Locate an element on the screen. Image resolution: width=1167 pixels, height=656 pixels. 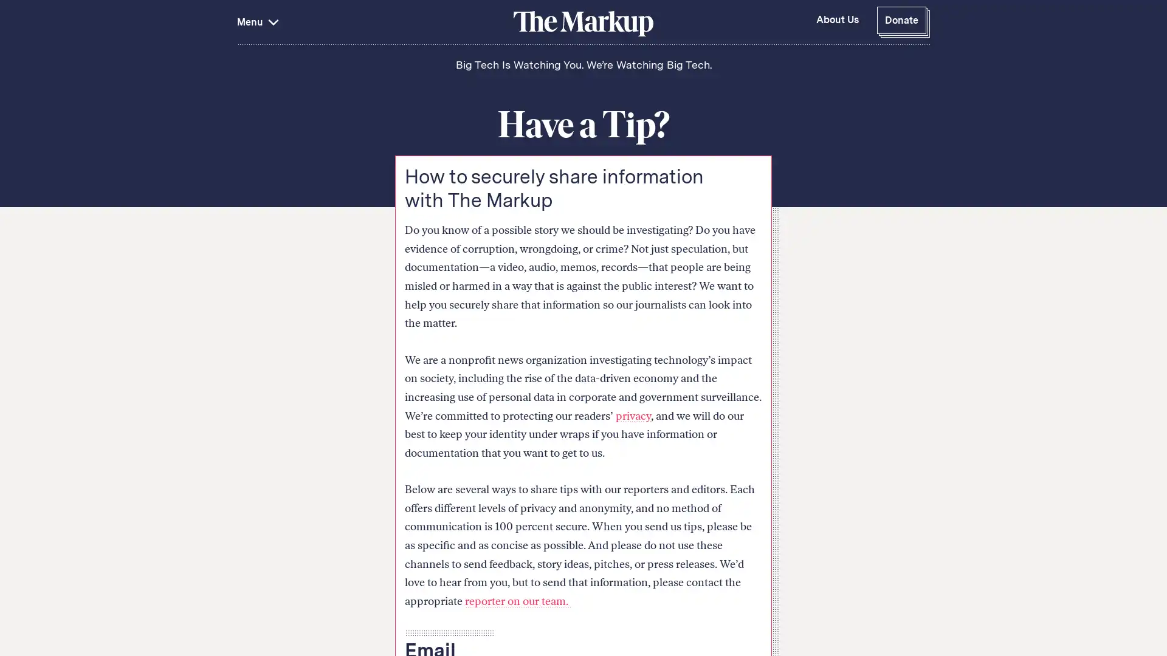
Submit is located at coordinates (474, 110).